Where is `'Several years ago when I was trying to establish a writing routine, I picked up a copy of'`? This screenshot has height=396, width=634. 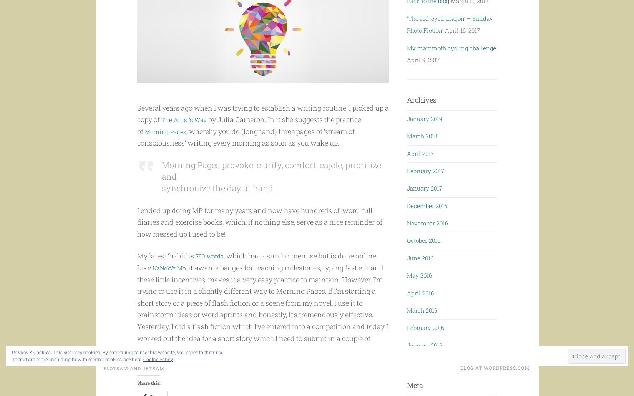 'Several years ago when I was trying to establish a writing routine, I picked up a copy of' is located at coordinates (262, 128).